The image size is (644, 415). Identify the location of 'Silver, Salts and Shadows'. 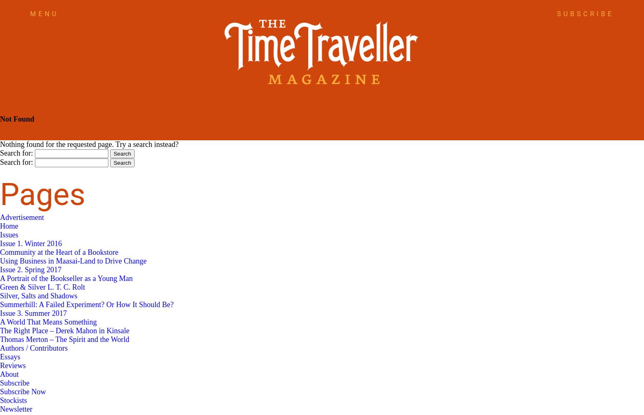
(39, 295).